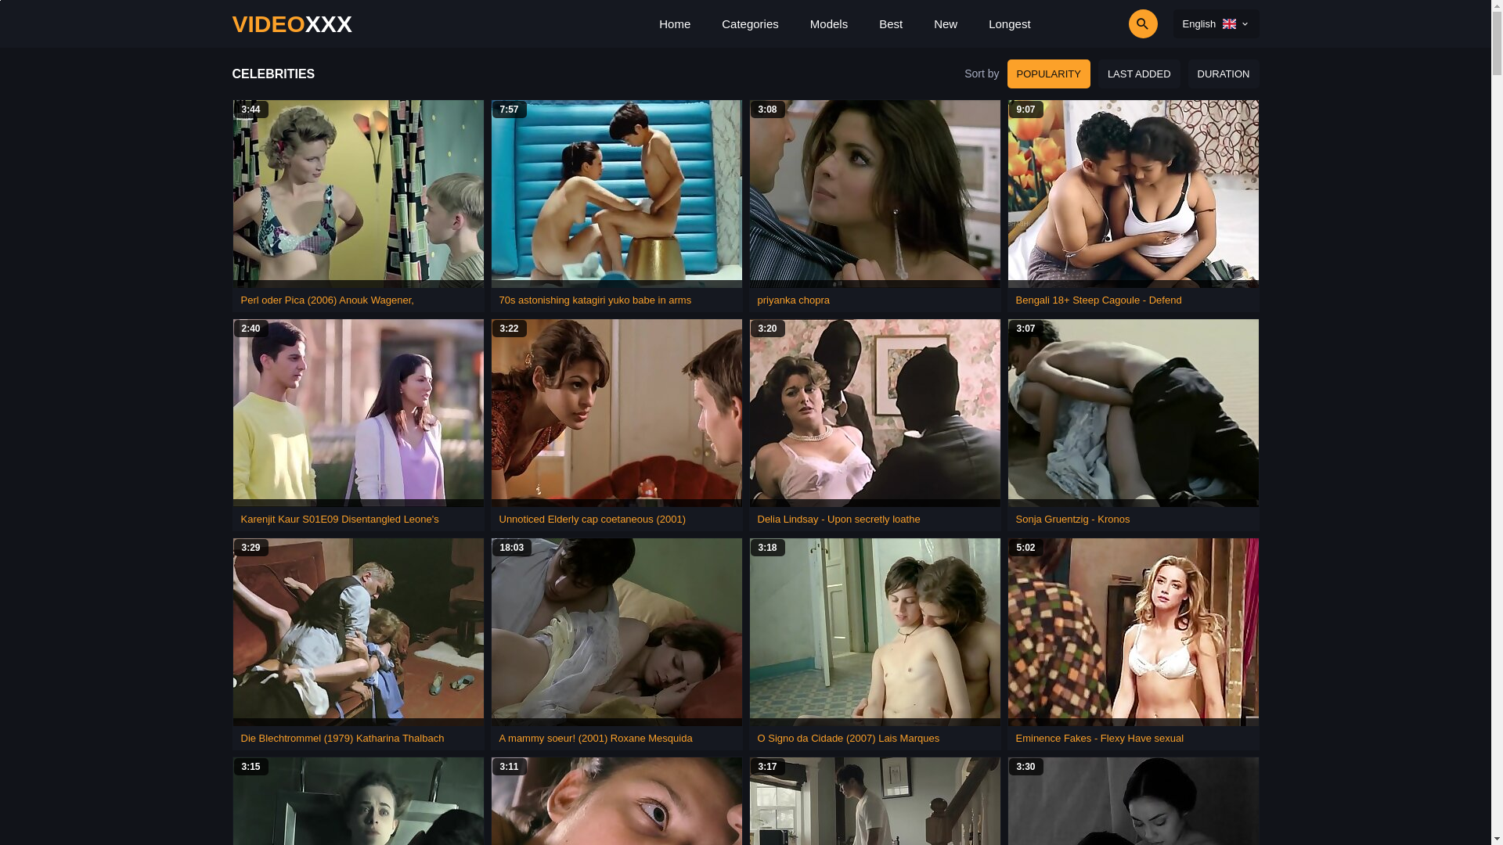 The width and height of the screenshot is (1503, 845). What do you see at coordinates (1098, 300) in the screenshot?
I see `'Bengali 18+ Steep Cagoule - Defend'` at bounding box center [1098, 300].